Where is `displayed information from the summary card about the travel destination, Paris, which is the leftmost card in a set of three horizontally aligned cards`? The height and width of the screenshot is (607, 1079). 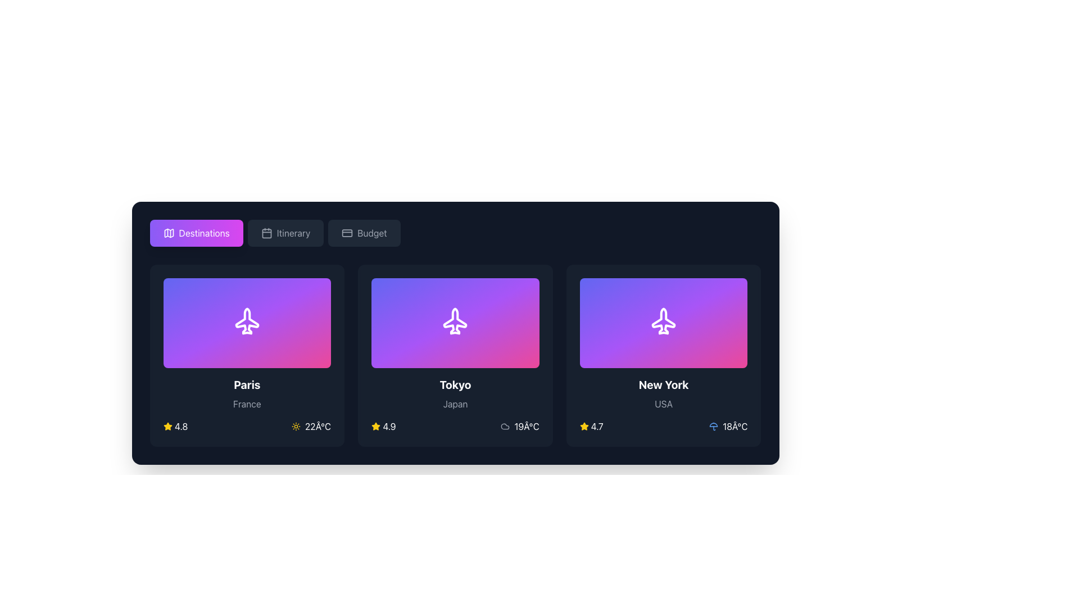 displayed information from the summary card about the travel destination, Paris, which is the leftmost card in a set of three horizontally aligned cards is located at coordinates (246, 355).